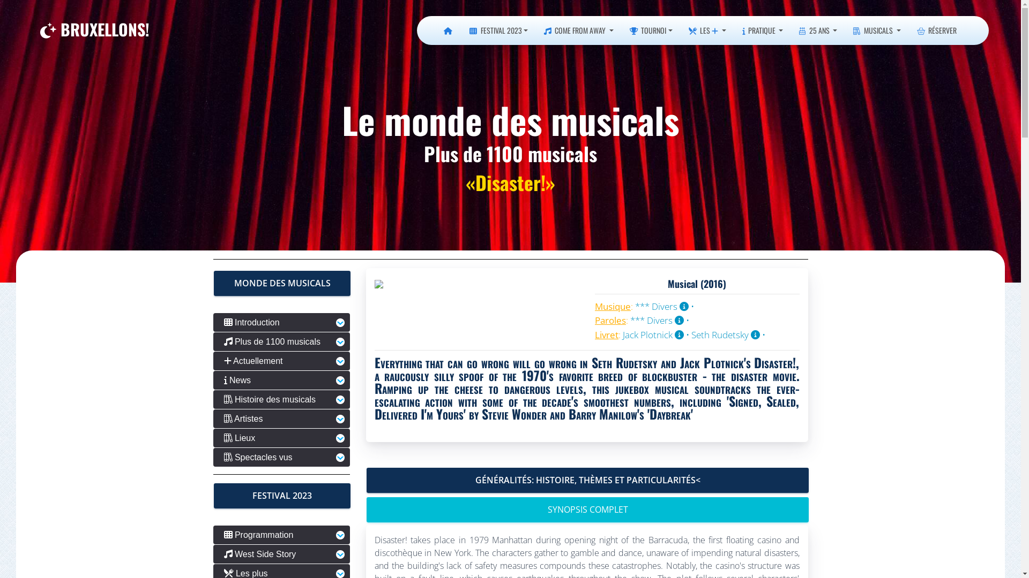 The width and height of the screenshot is (1029, 578). Describe the element at coordinates (281, 535) in the screenshot. I see `'Programmation'` at that location.